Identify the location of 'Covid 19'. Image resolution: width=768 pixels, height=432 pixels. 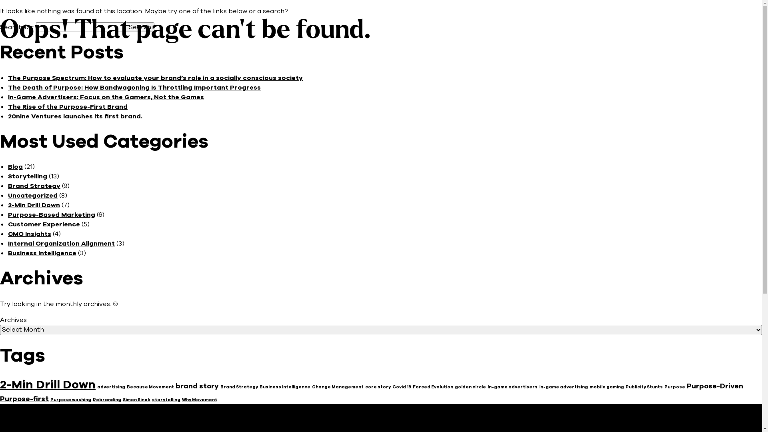
(392, 386).